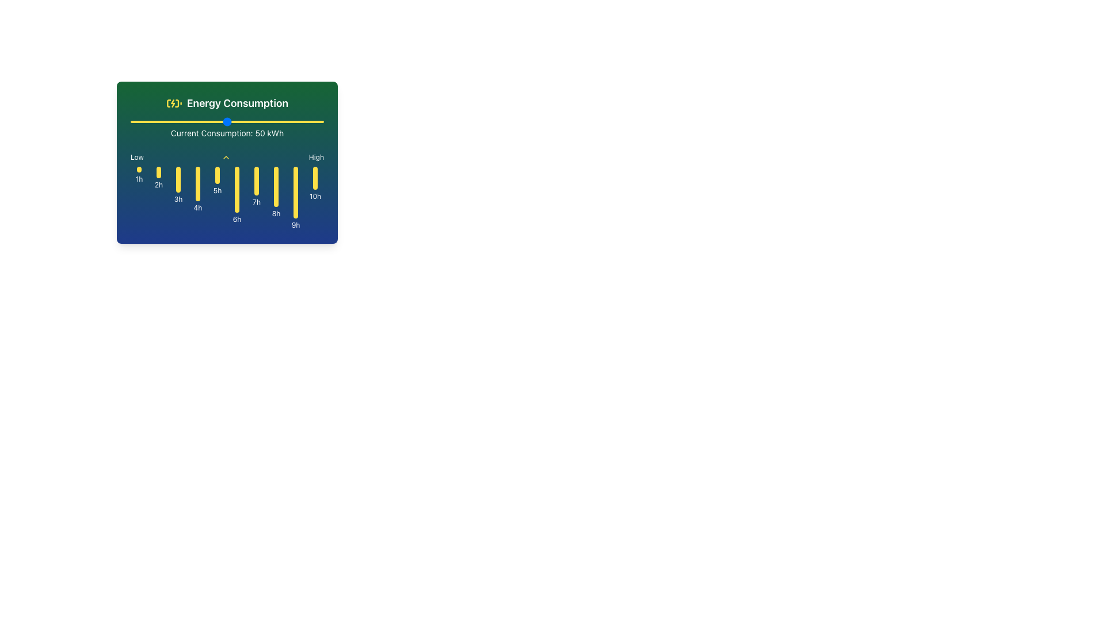  Describe the element at coordinates (176, 122) in the screenshot. I see `the energy consumption slider` at that location.